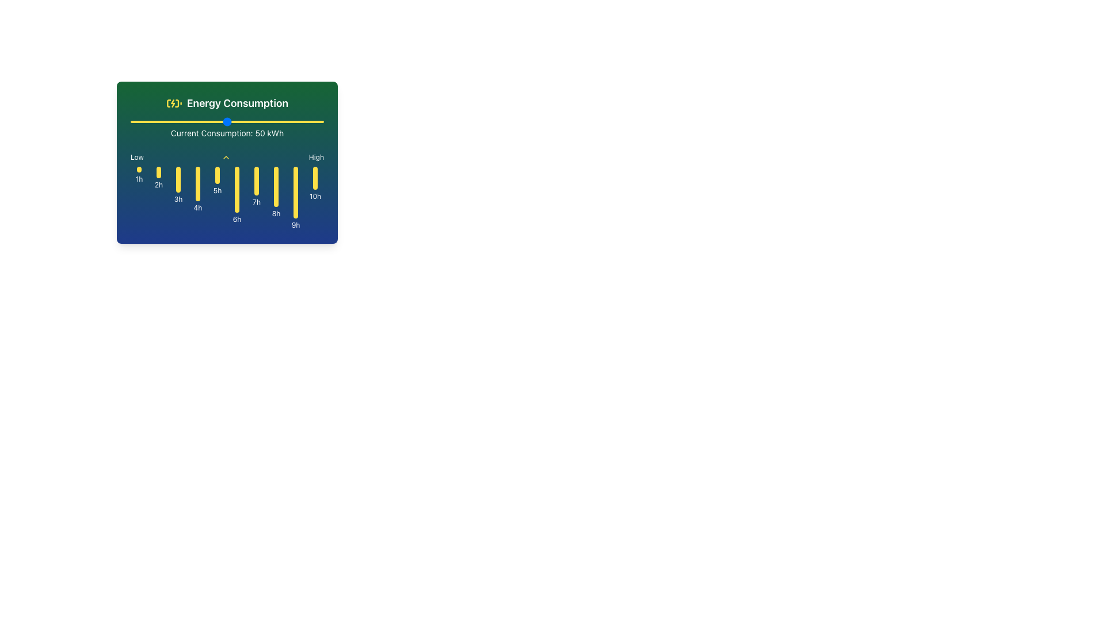  Describe the element at coordinates (176, 122) in the screenshot. I see `the energy consumption slider` at that location.